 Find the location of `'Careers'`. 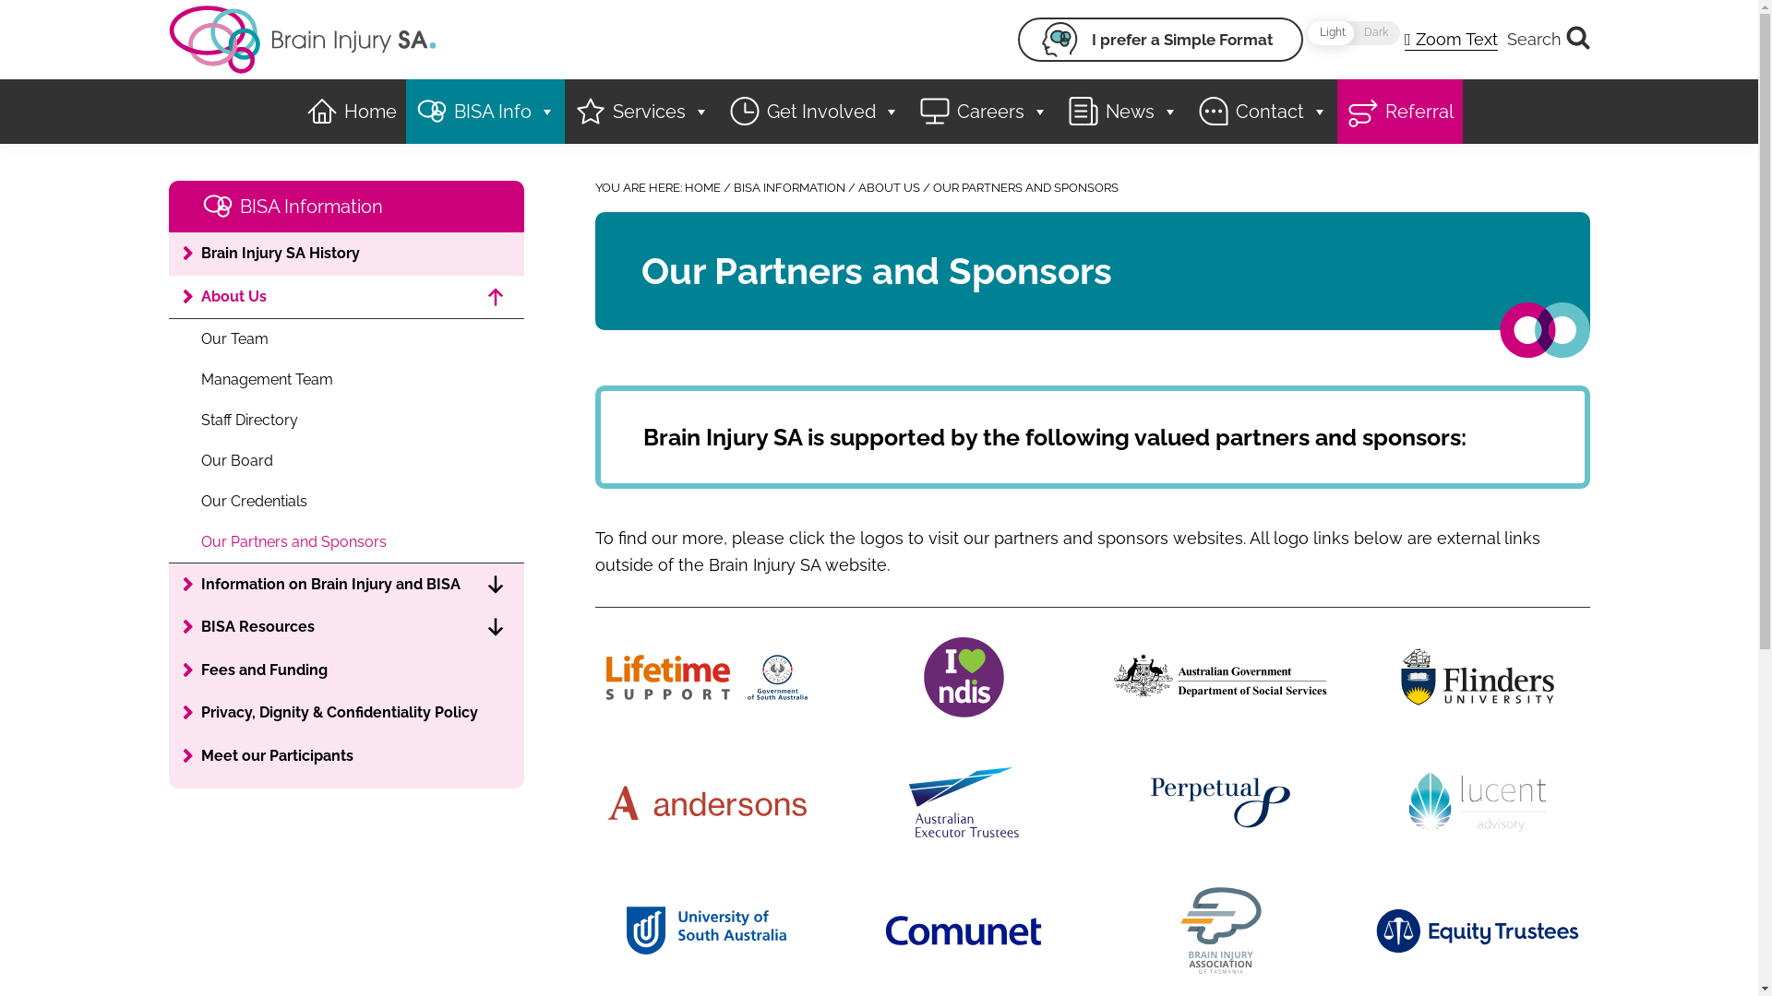

'Careers' is located at coordinates (907, 111).